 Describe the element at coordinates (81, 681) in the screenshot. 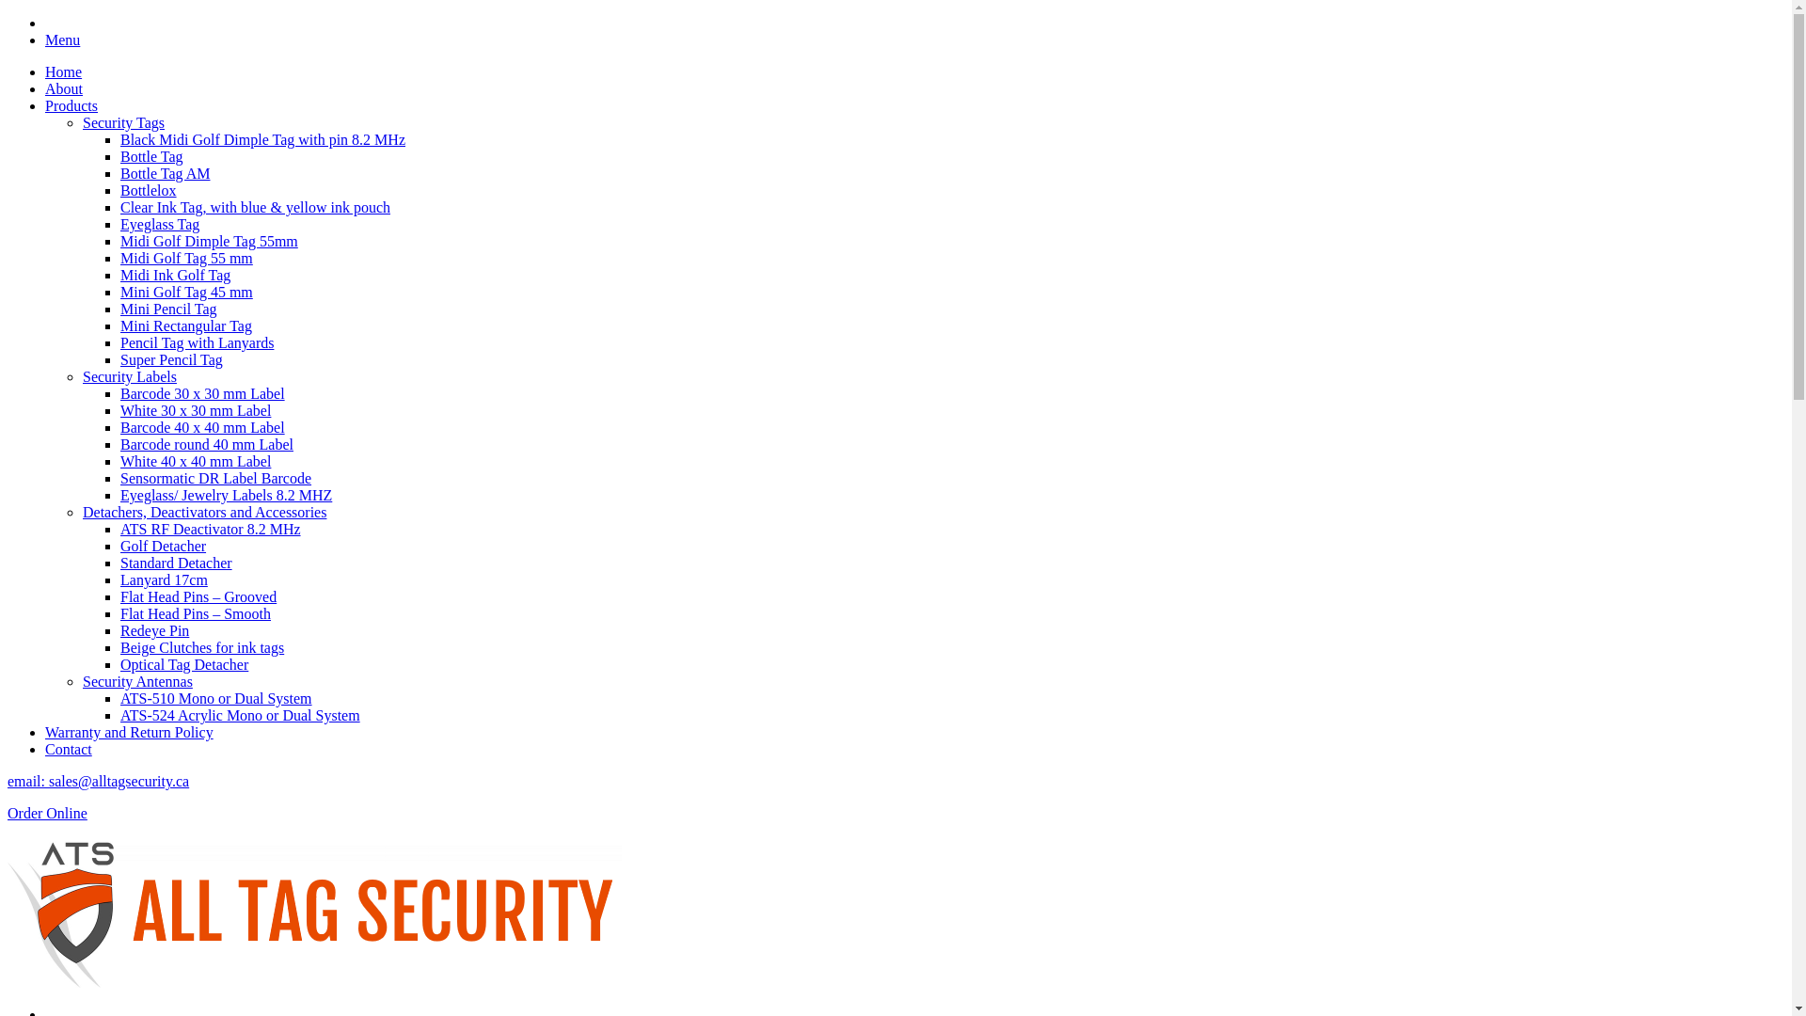

I see `'Security Antennas'` at that location.